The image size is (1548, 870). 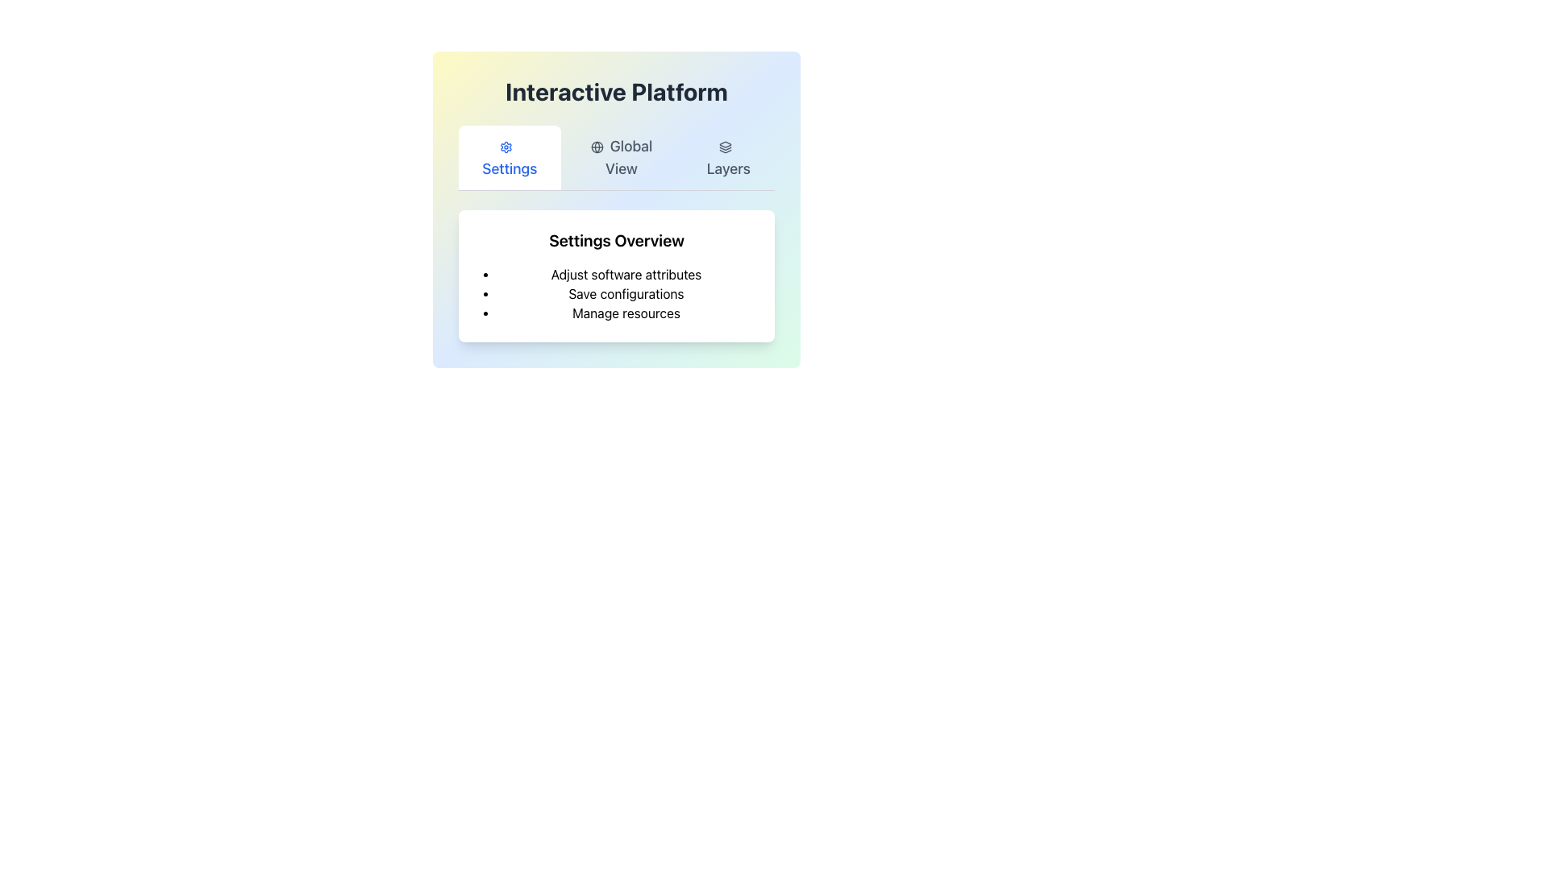 I want to click on the text label 'Save configurations' which is the second item in a vertical bulleted list under the heading 'Settings Overview', so click(x=626, y=294).